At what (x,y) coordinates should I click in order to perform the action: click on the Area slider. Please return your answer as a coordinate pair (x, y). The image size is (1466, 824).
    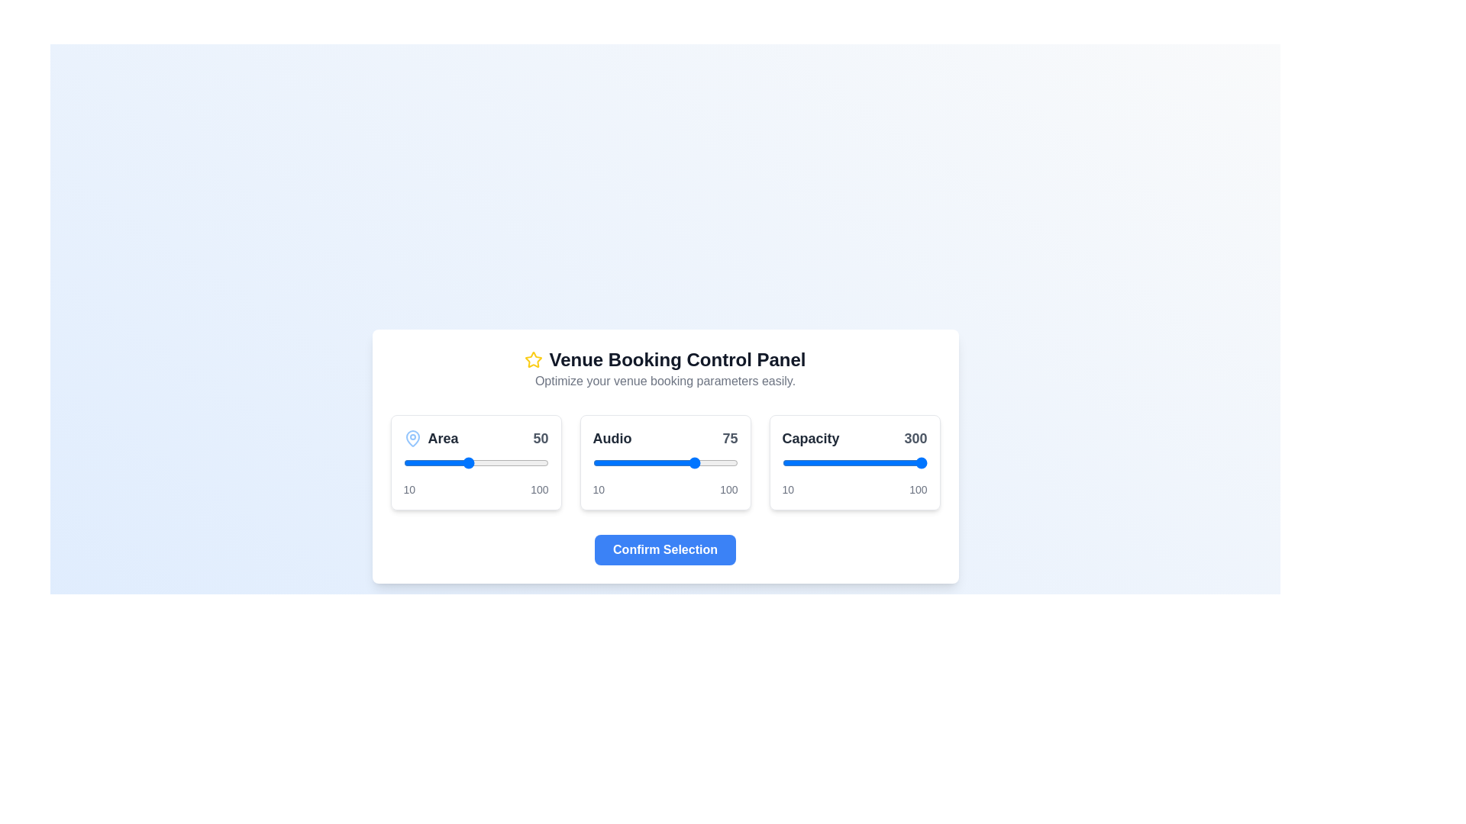
    Looking at the image, I should click on (463, 462).